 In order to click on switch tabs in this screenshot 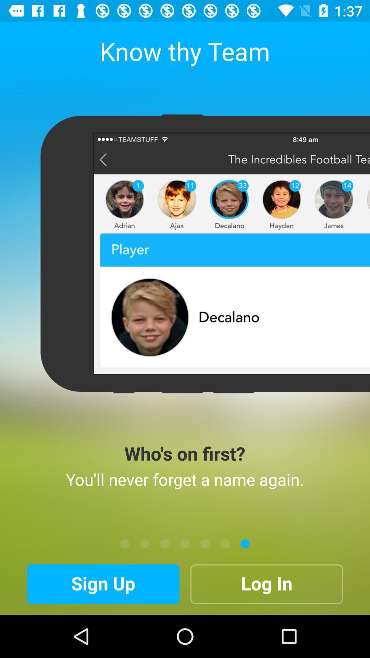, I will do `click(165, 543)`.